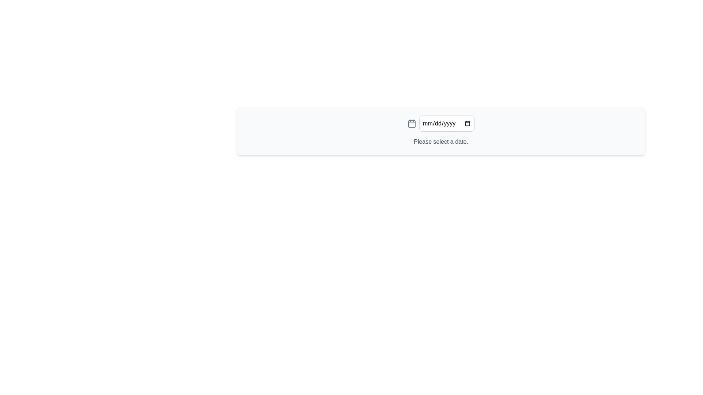 This screenshot has height=395, width=703. I want to click on the small rectangle with rounded corners that is part of the calendar icon, positioned centrally within the bounds of the icon, located towards the top-left area of the form section, next to a text input field, so click(412, 124).